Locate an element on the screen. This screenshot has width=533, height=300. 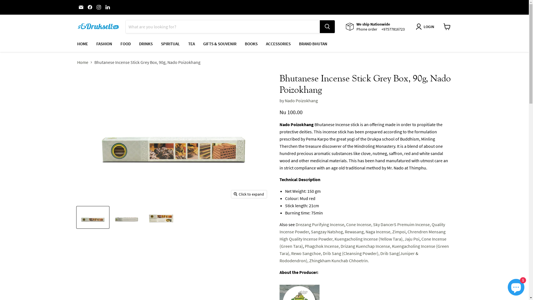
'Phagchok Incense,' is located at coordinates (322, 246).